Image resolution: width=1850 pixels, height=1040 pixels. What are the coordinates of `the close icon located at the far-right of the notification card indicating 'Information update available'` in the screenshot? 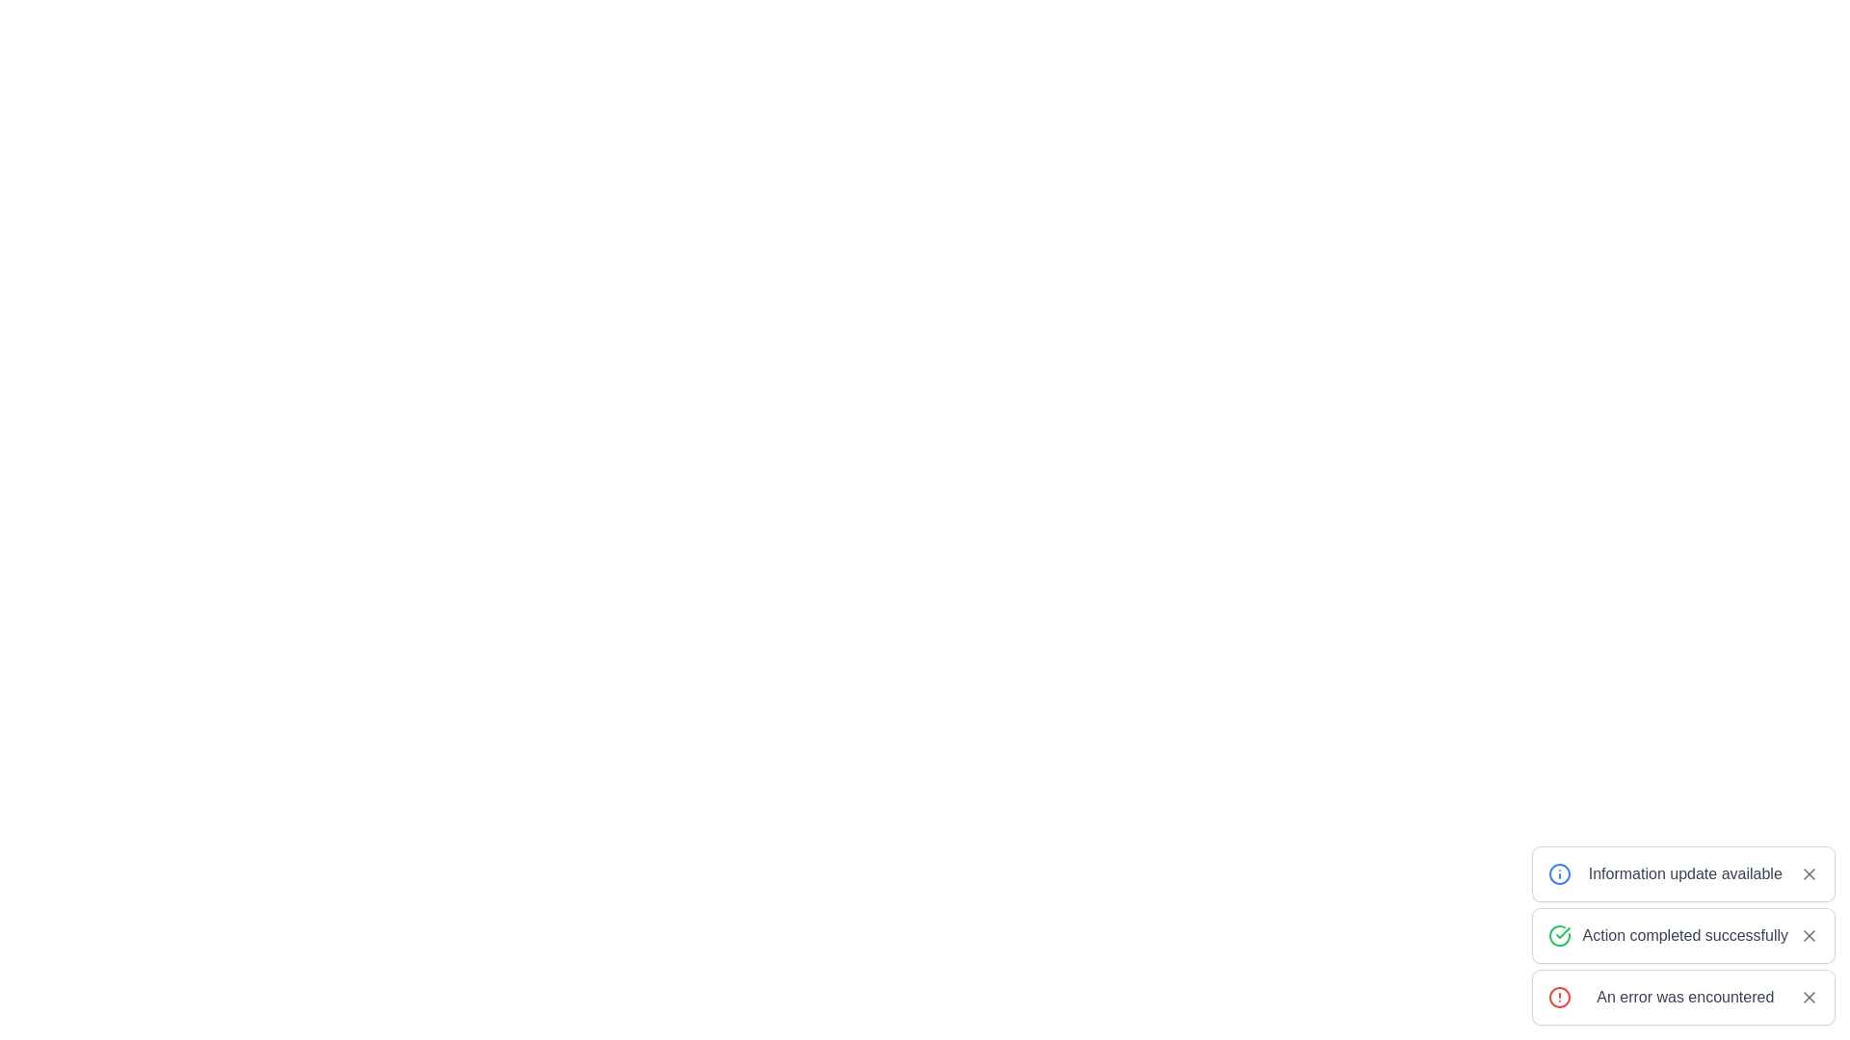 It's located at (1808, 873).